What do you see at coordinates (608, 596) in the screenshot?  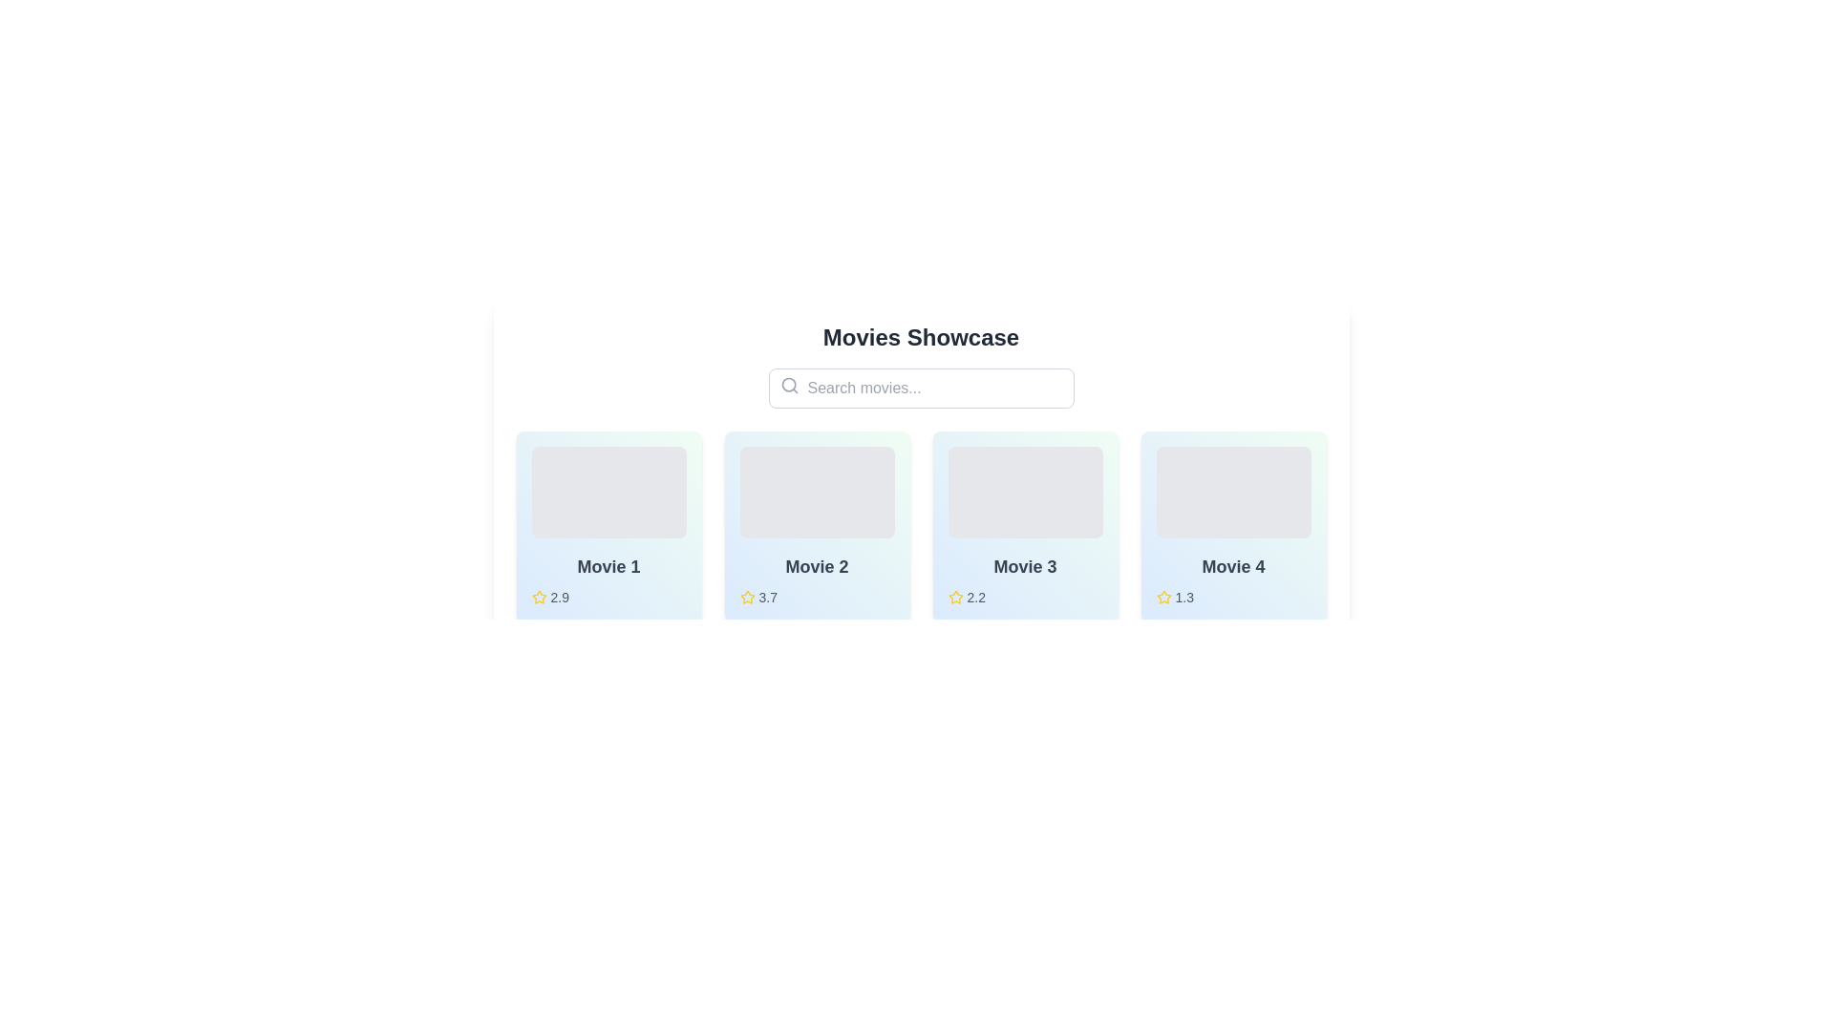 I see `the displayed rating score of '2.9' next to the yellow star icon beneath the title 'Movie 1' in the first card of the list` at bounding box center [608, 596].